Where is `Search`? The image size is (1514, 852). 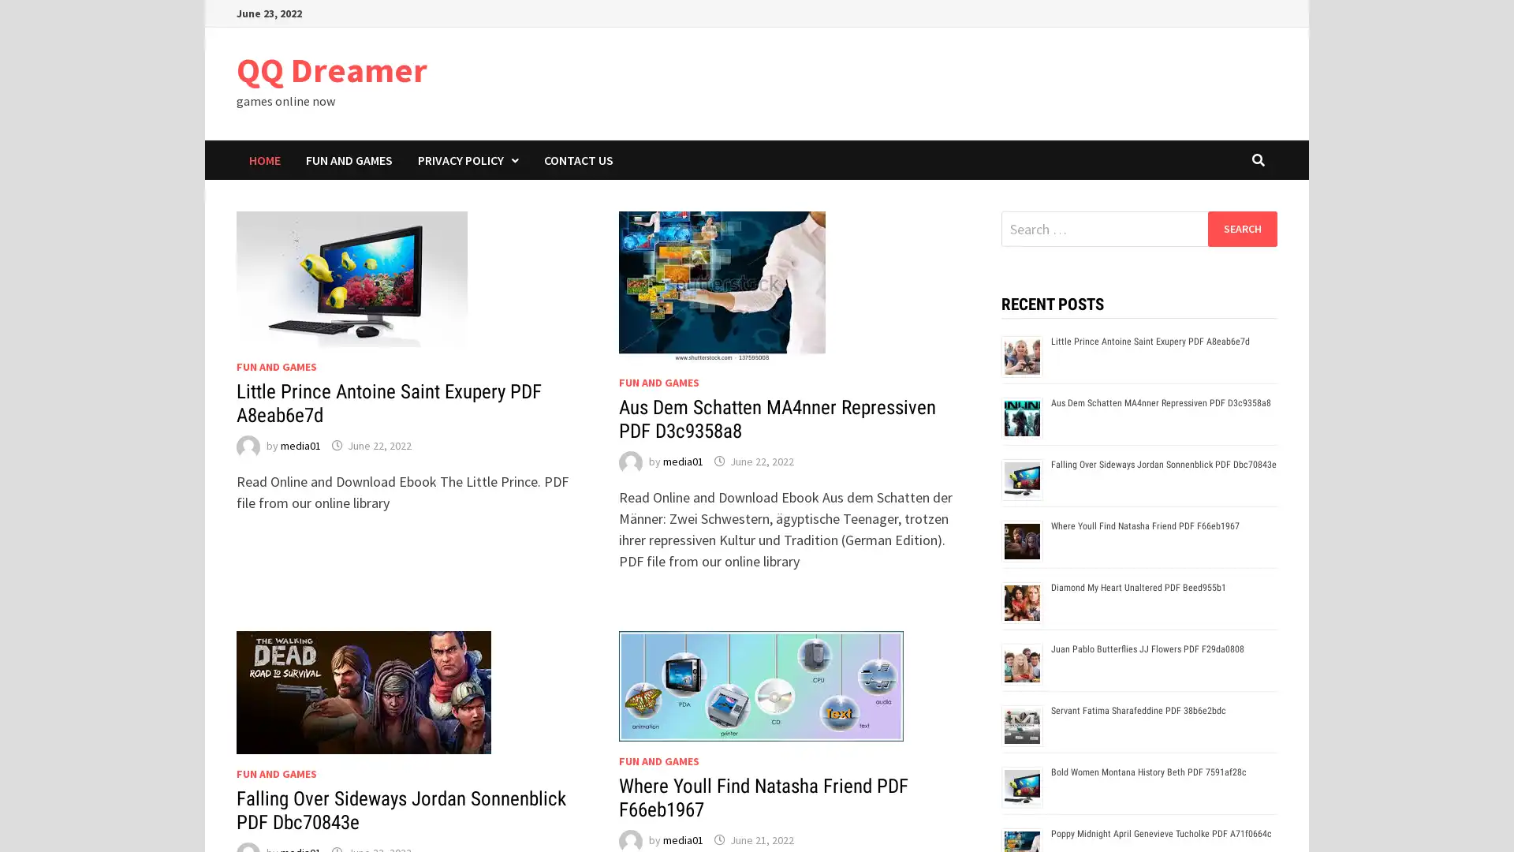 Search is located at coordinates (1241, 228).